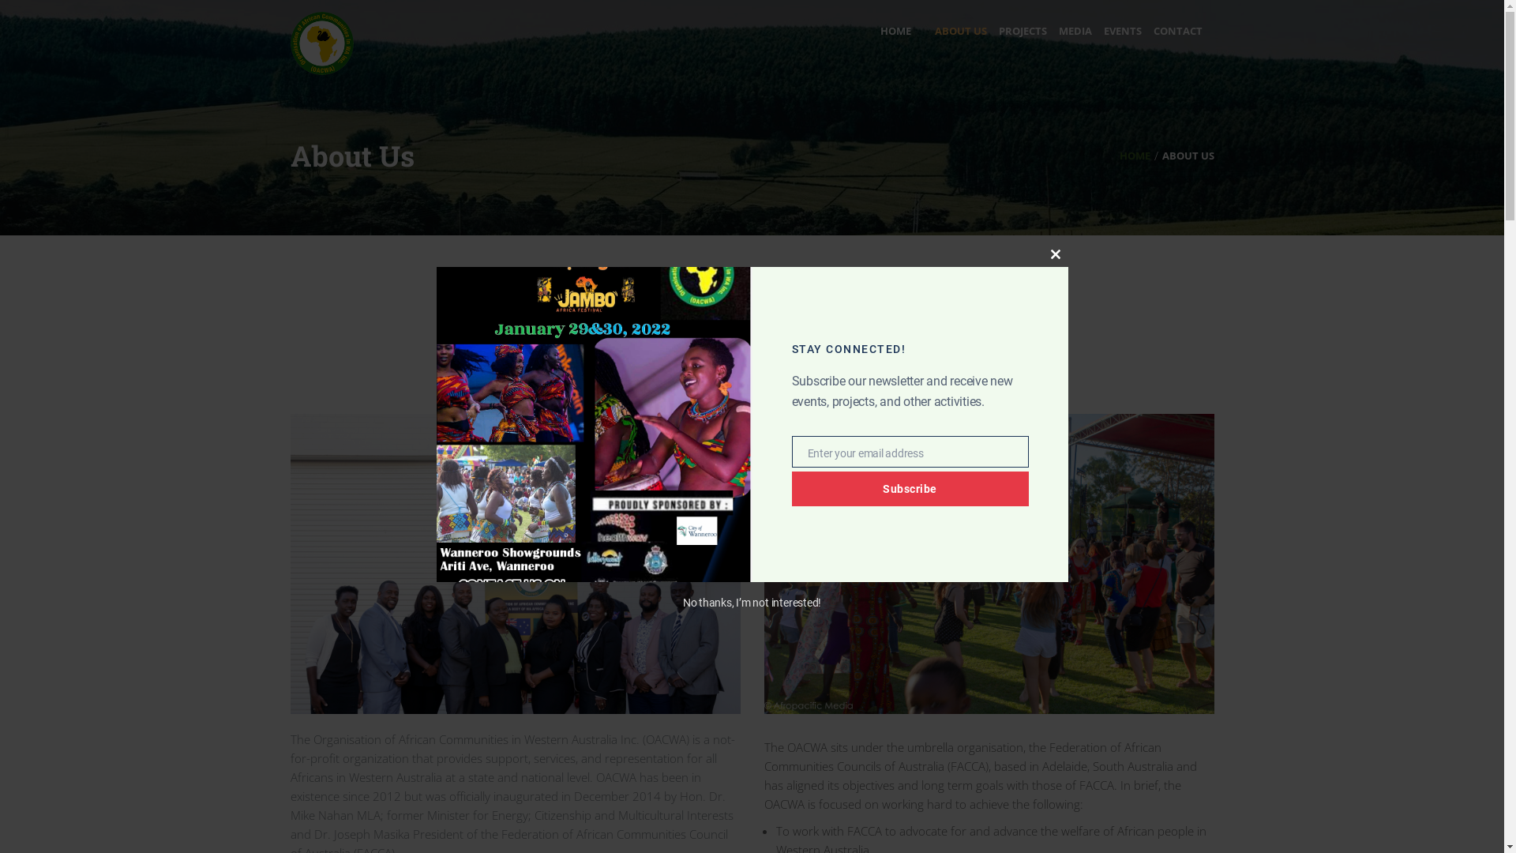  What do you see at coordinates (1178, 31) in the screenshot?
I see `'CONTACT'` at bounding box center [1178, 31].